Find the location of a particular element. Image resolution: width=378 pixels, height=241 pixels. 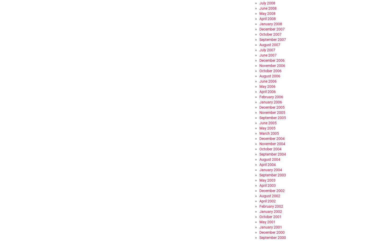

'February 2006' is located at coordinates (259, 96).